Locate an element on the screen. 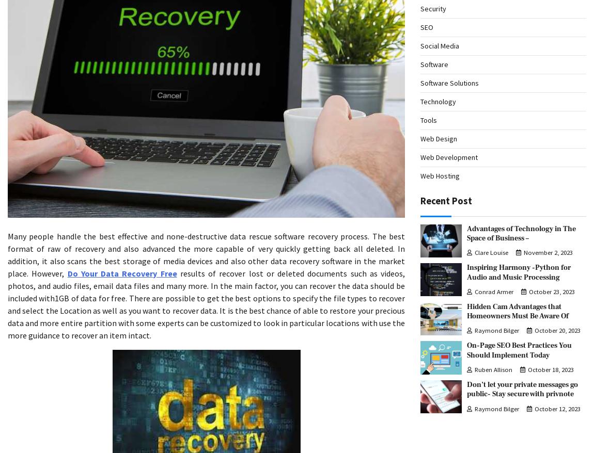 Image resolution: width=594 pixels, height=453 pixels. 'Web Development' is located at coordinates (449, 156).